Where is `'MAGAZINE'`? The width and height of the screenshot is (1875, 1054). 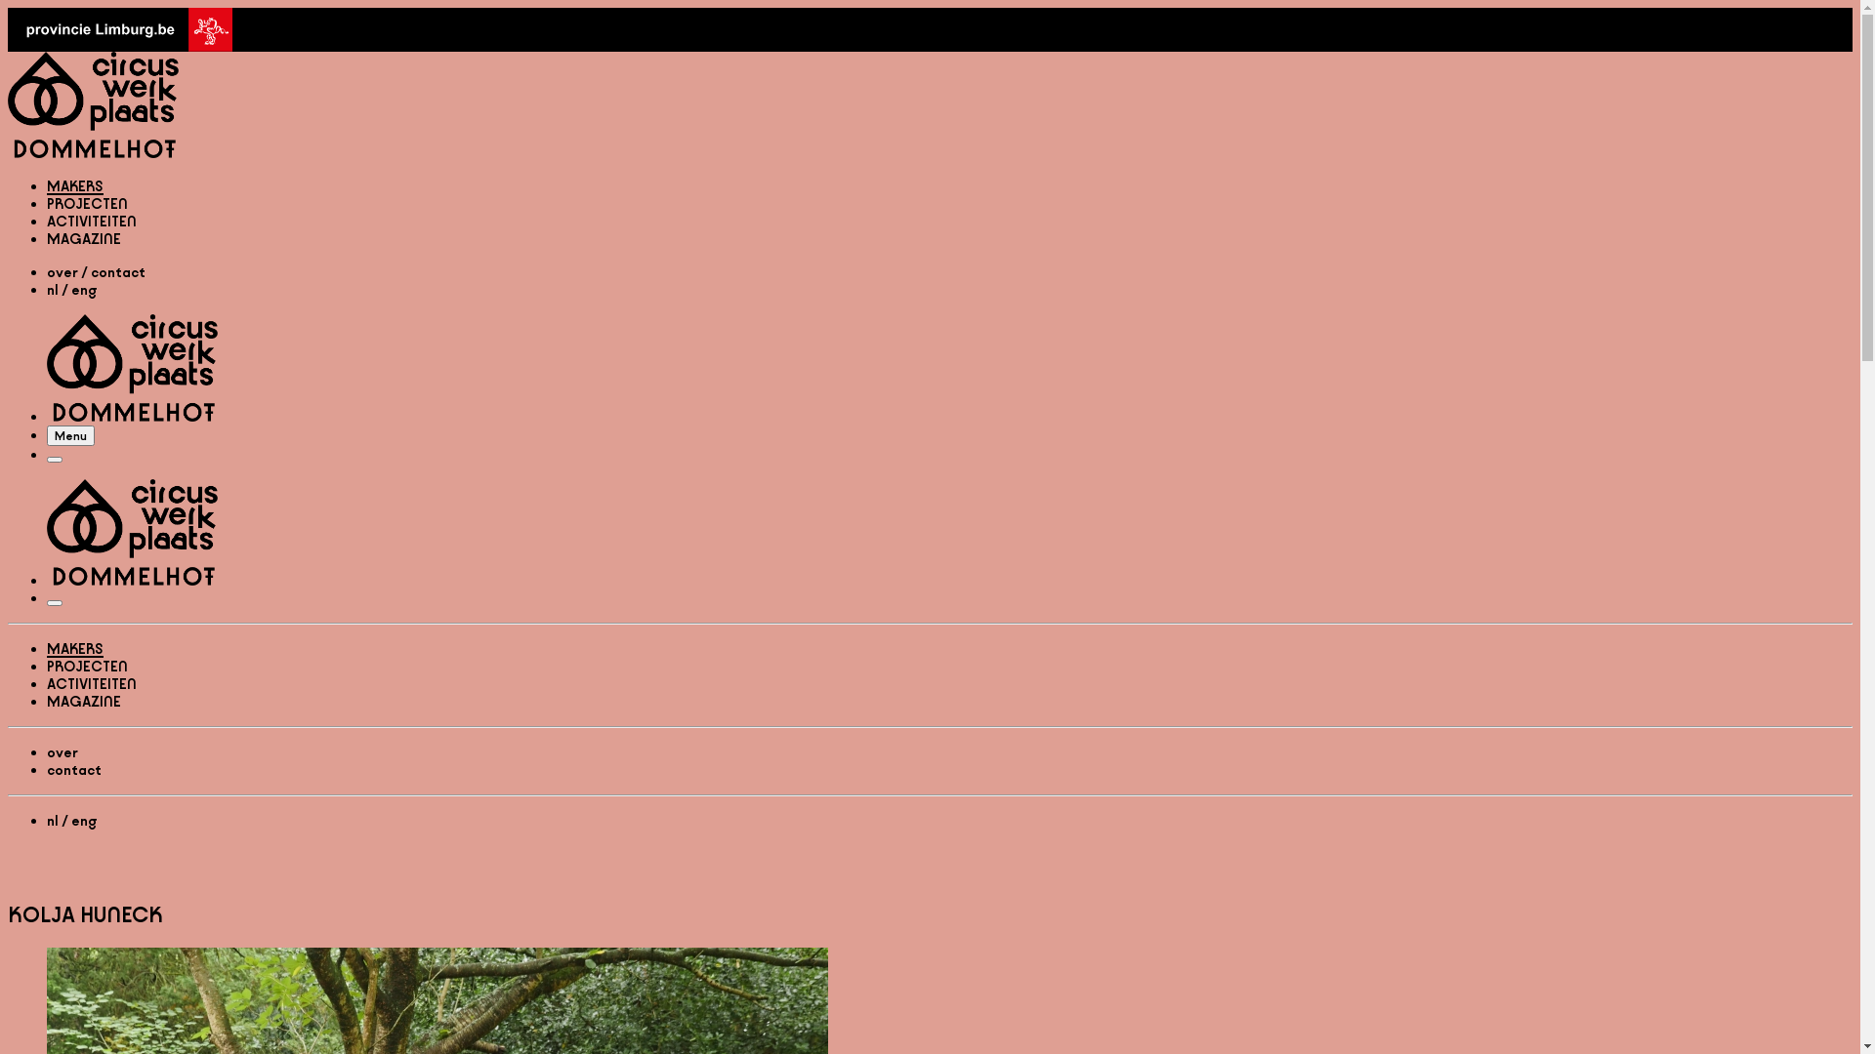
'MAGAZINE' is located at coordinates (83, 700).